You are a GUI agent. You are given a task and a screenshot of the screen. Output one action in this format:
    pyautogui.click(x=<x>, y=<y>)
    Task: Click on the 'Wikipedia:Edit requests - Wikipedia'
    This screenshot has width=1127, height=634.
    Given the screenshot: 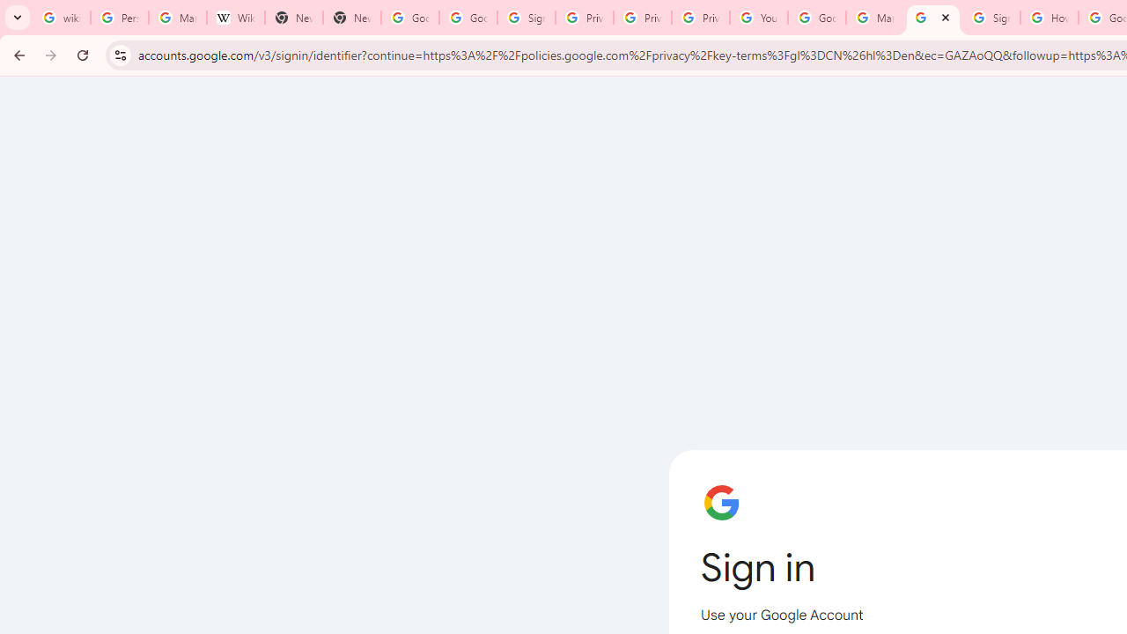 What is the action you would take?
    pyautogui.click(x=235, y=18)
    